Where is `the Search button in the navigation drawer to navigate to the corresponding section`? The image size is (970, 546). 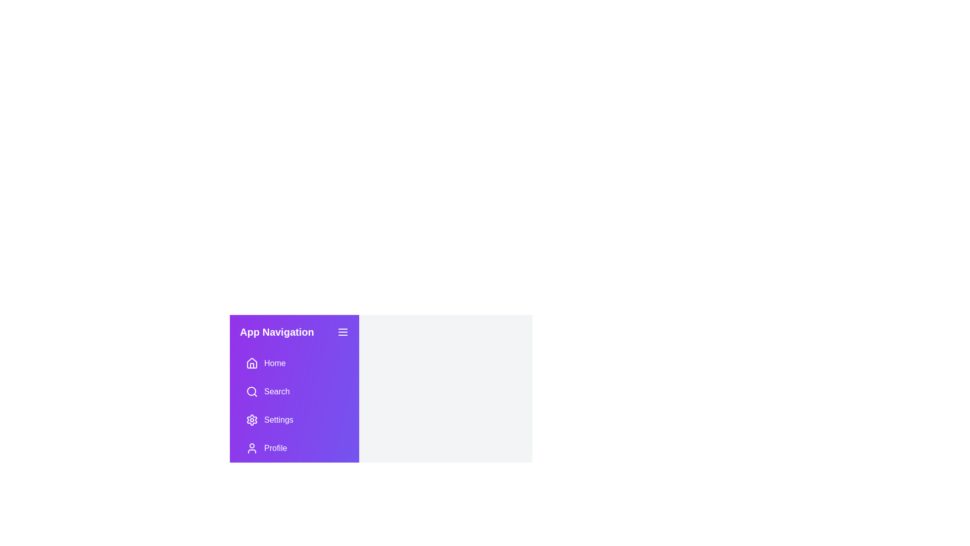
the Search button in the navigation drawer to navigate to the corresponding section is located at coordinates (294, 391).